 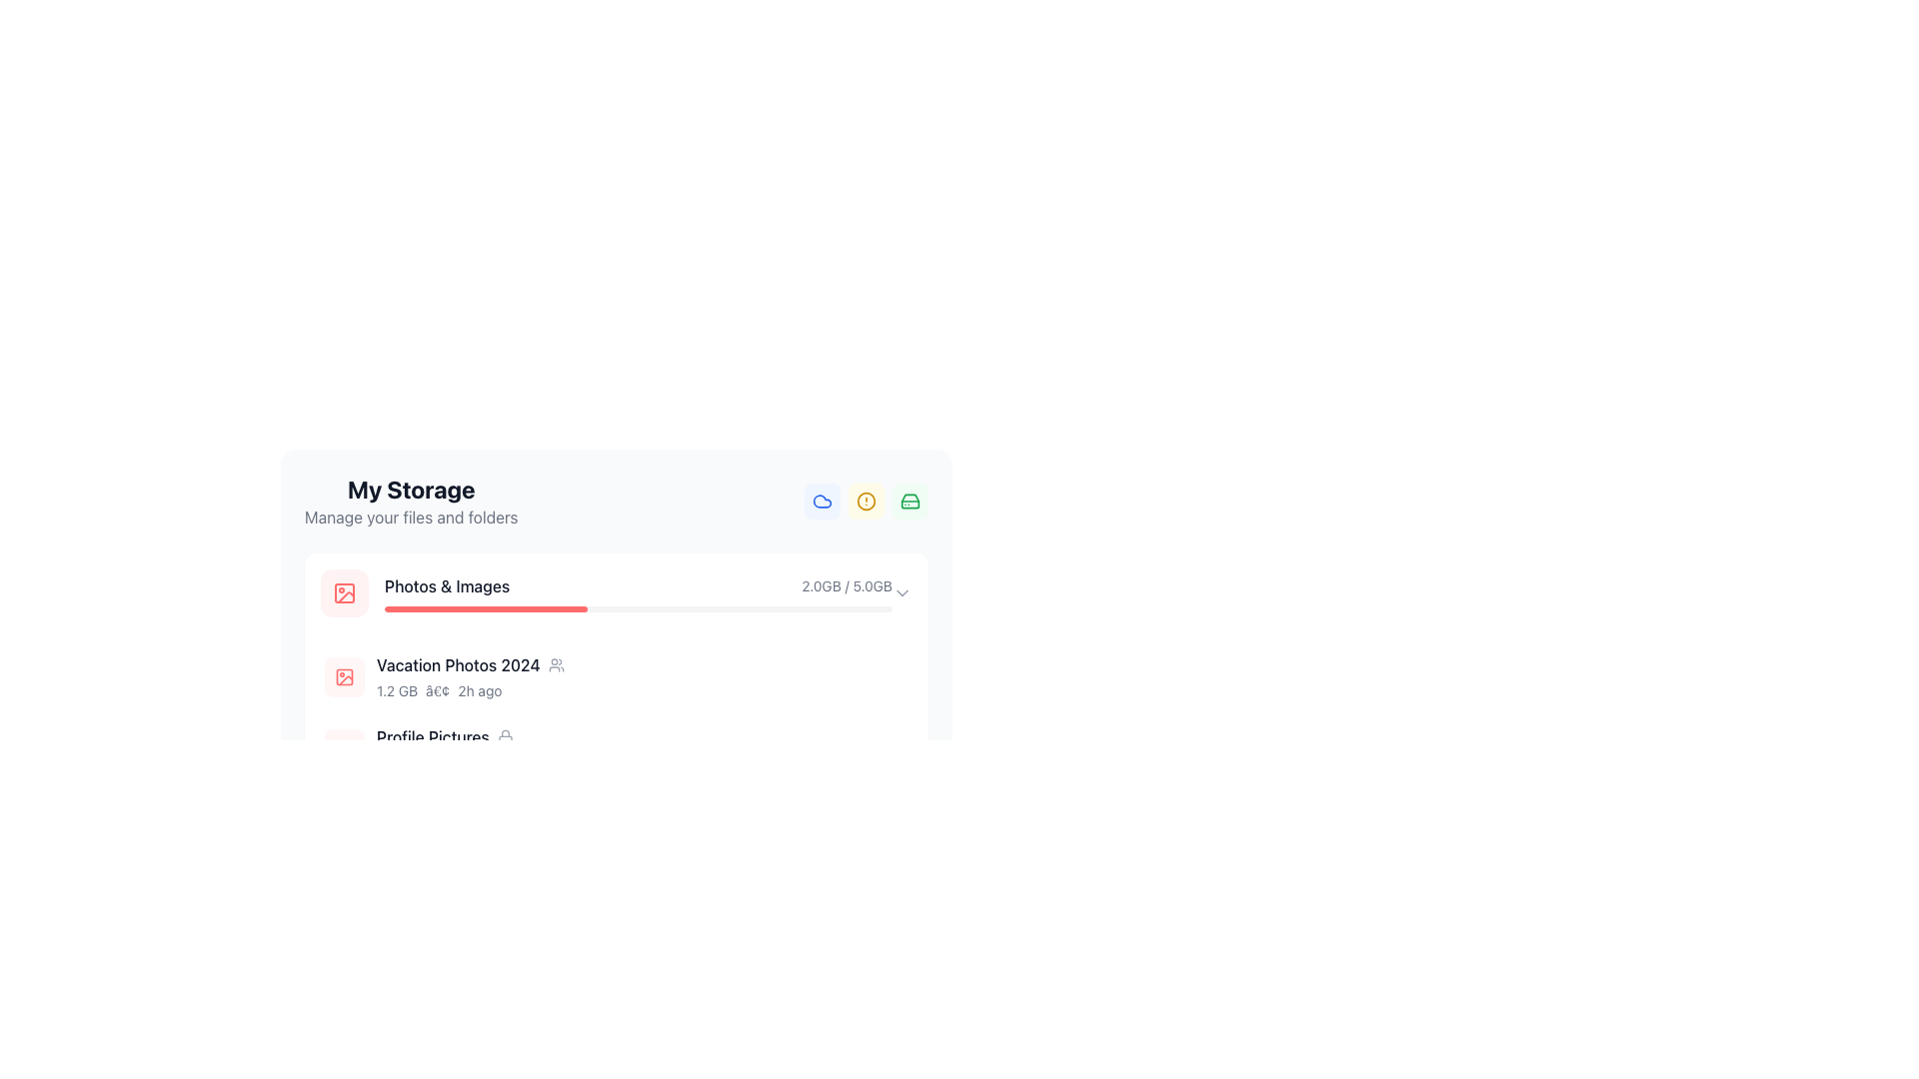 I want to click on the cloud feature icon located in the top-right section of the interface, which is the first icon among its siblings and positioned directly to the left of a warning icon, so click(x=822, y=500).